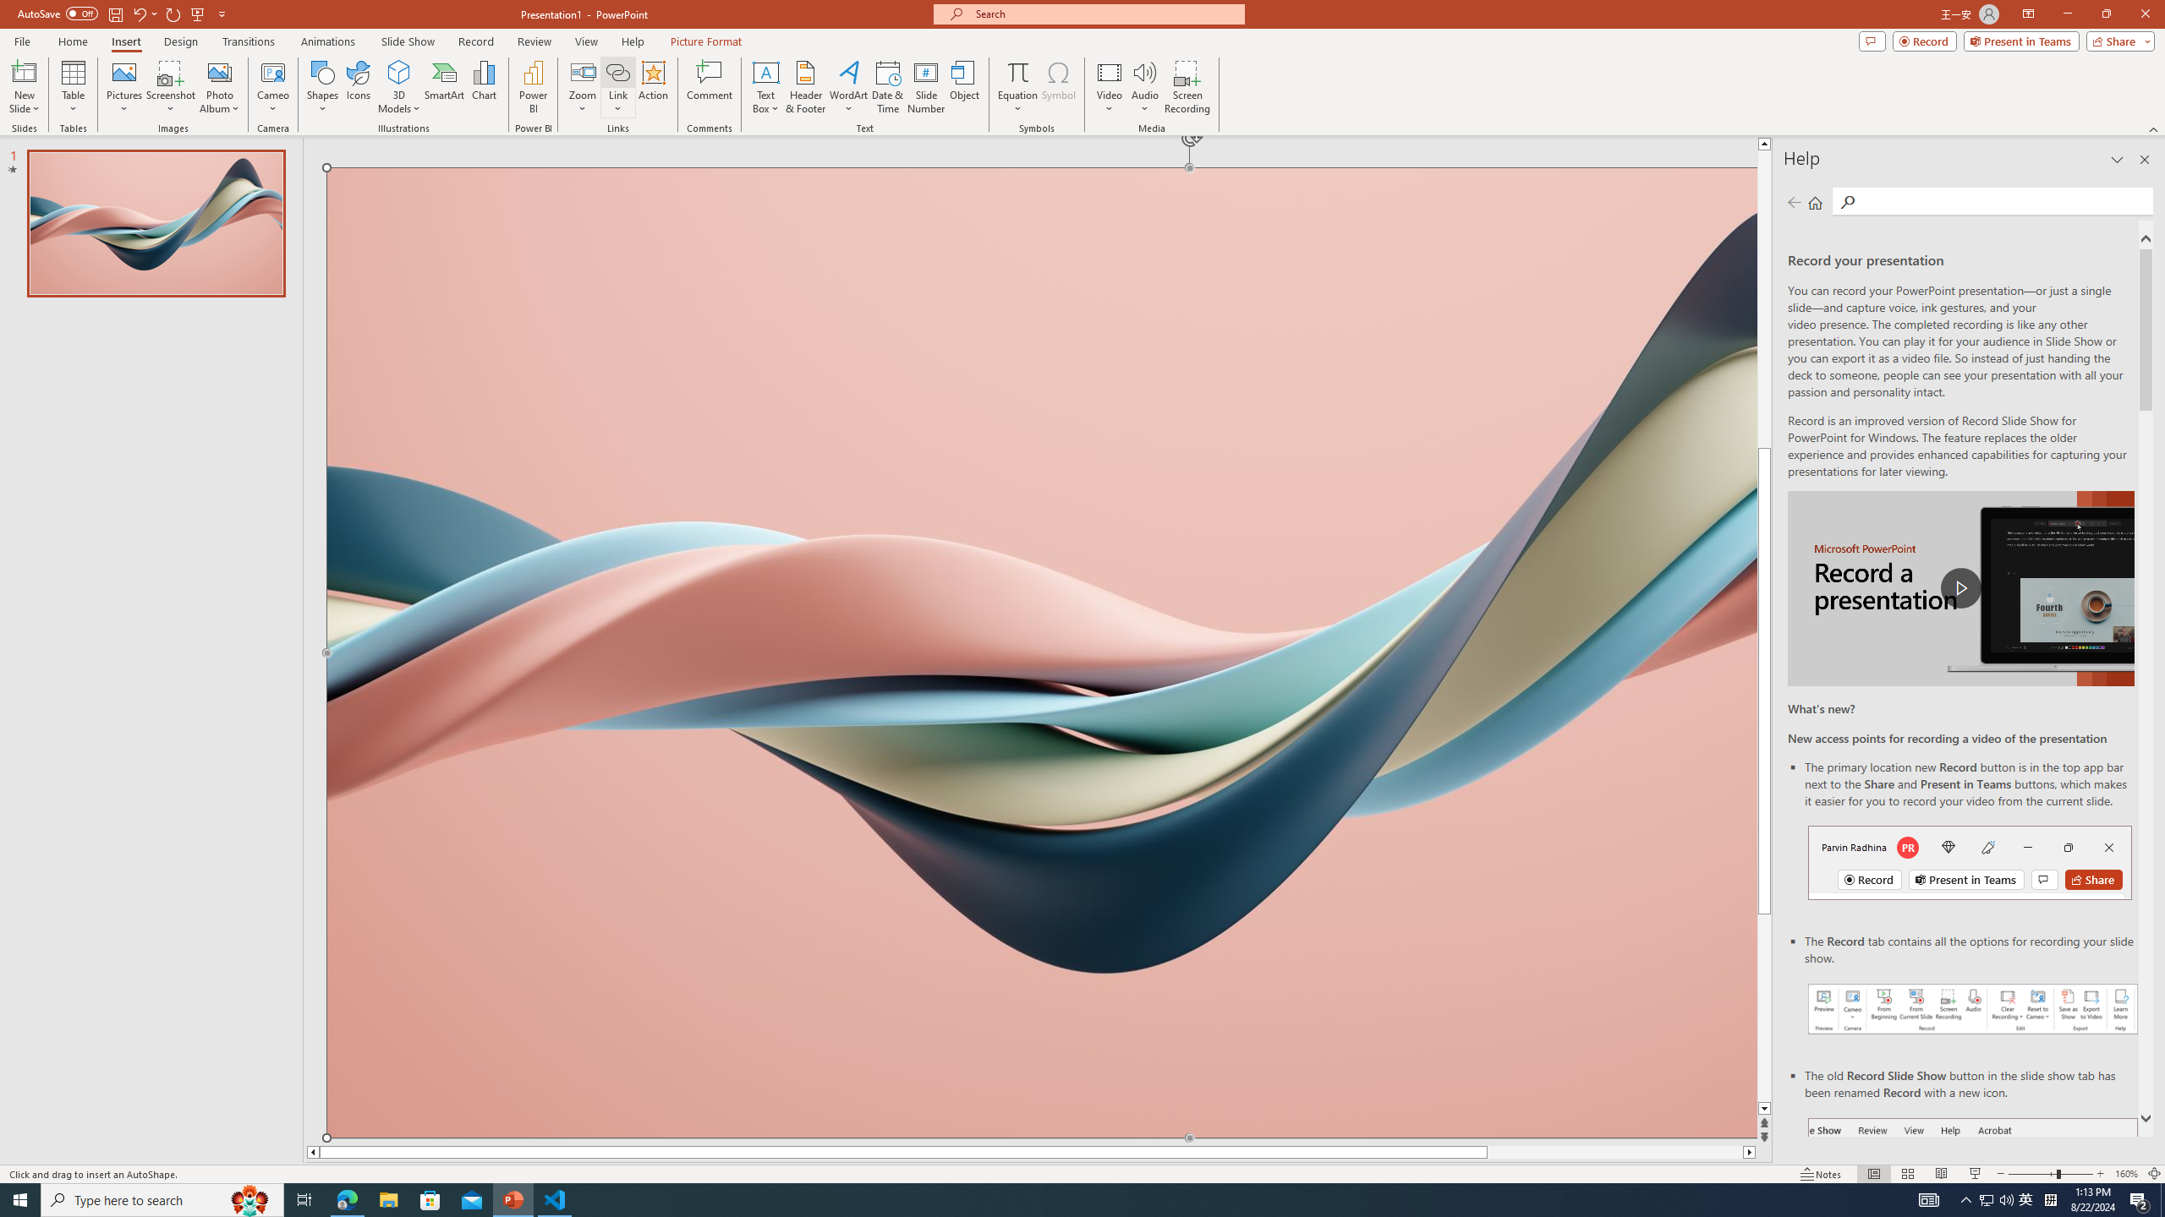 The image size is (2165, 1217). Describe the element at coordinates (534, 87) in the screenshot. I see `'Power BI'` at that location.